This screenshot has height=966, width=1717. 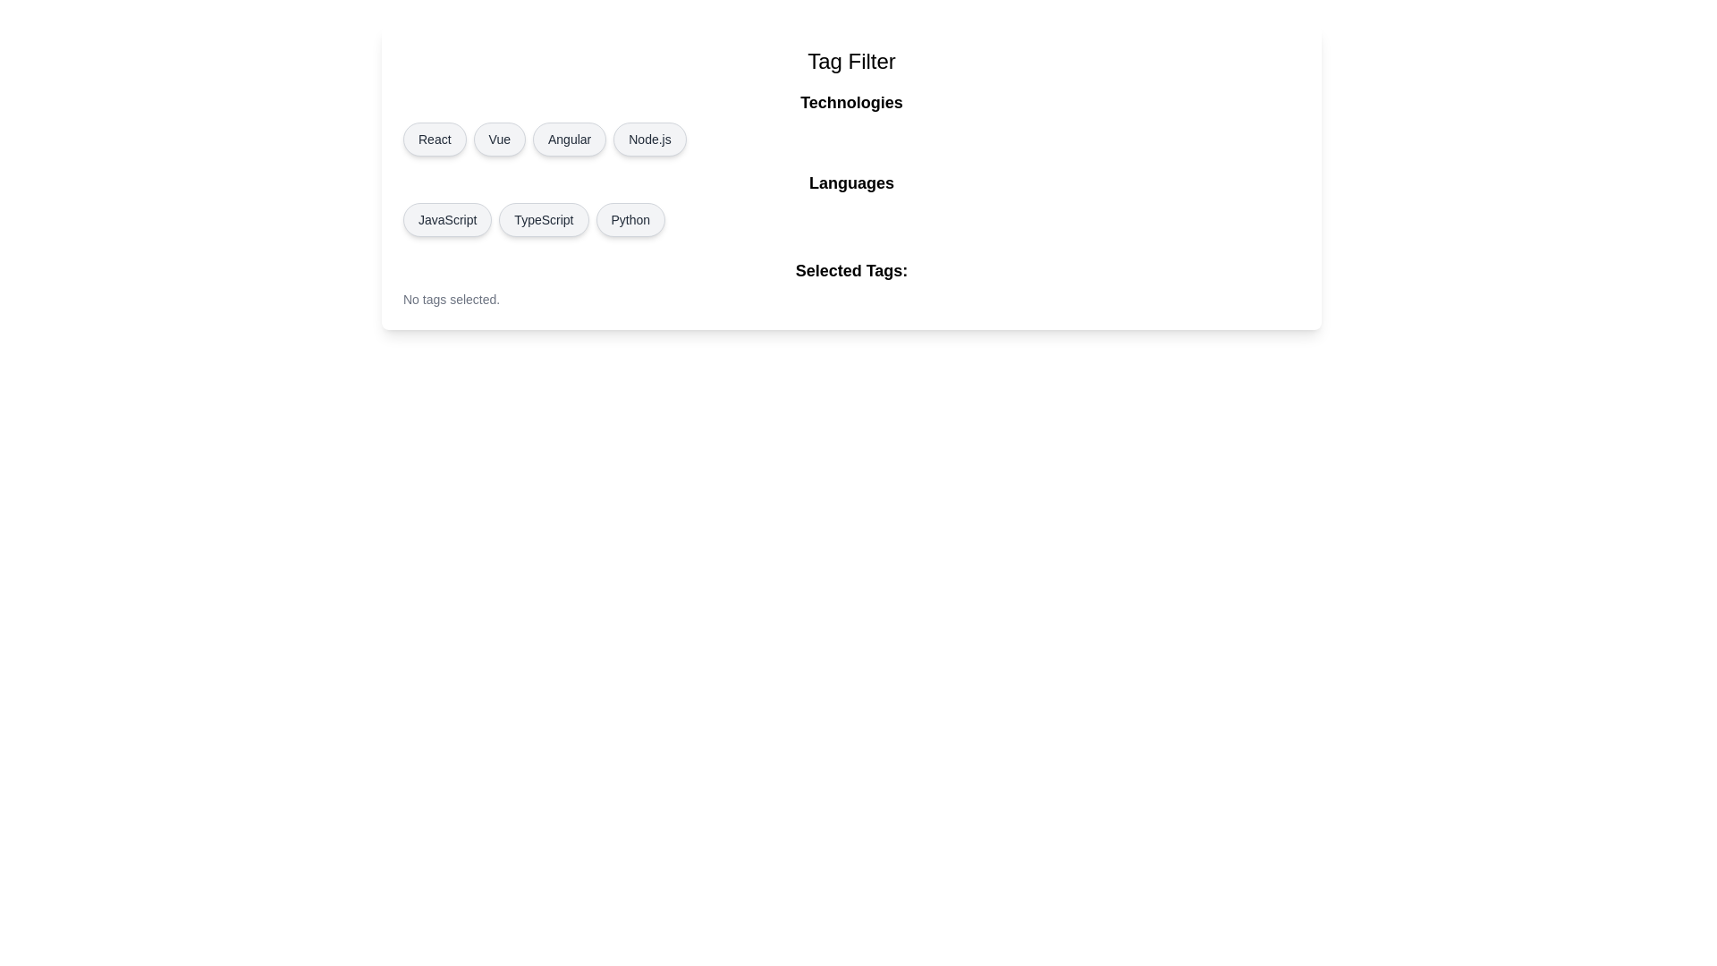 What do you see at coordinates (850, 103) in the screenshot?
I see `the descriptive heading text label located above the group of tag-like elements (React, Vue, Angular, Node.js)` at bounding box center [850, 103].